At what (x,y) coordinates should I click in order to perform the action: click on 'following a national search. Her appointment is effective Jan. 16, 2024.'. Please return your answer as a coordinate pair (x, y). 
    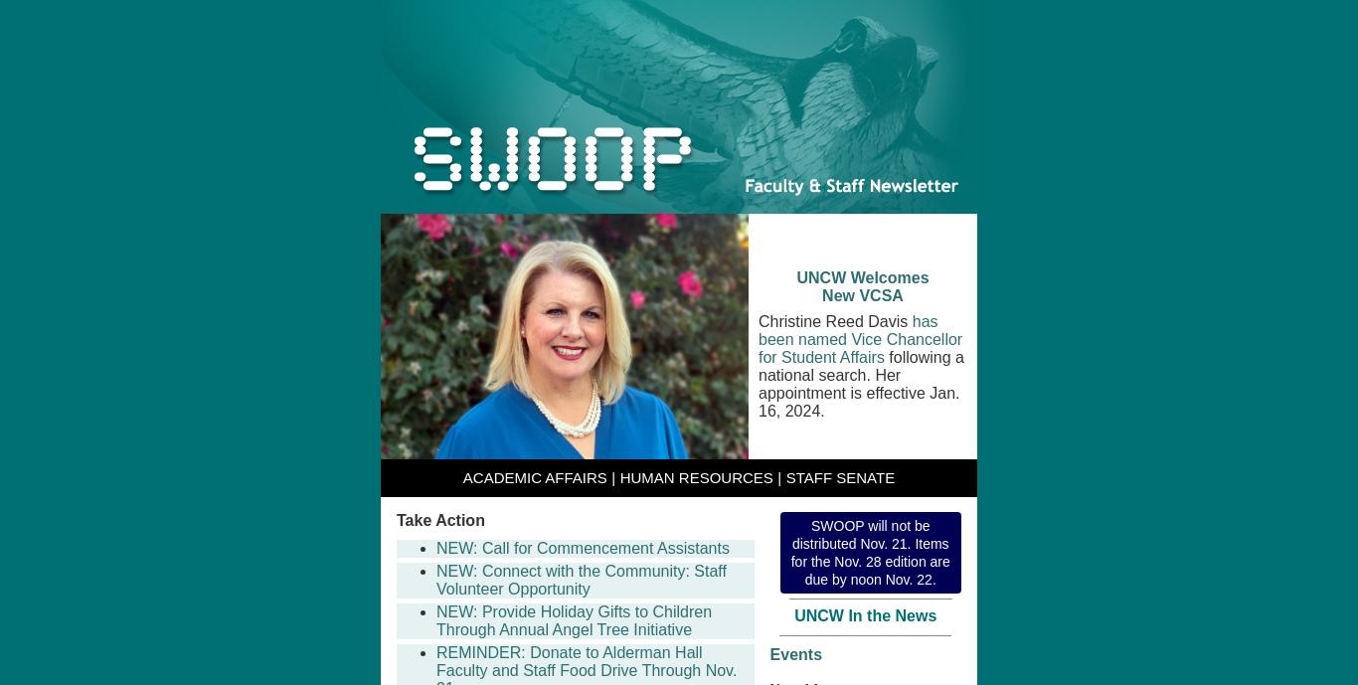
    Looking at the image, I should click on (860, 384).